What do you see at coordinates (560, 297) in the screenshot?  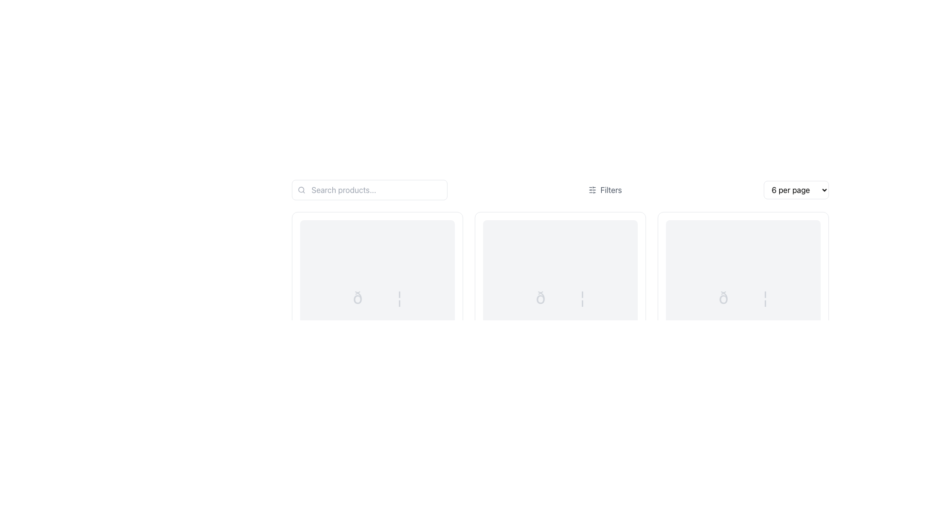 I see `the visual appearance change of the gray envelope icon when hovered over` at bounding box center [560, 297].